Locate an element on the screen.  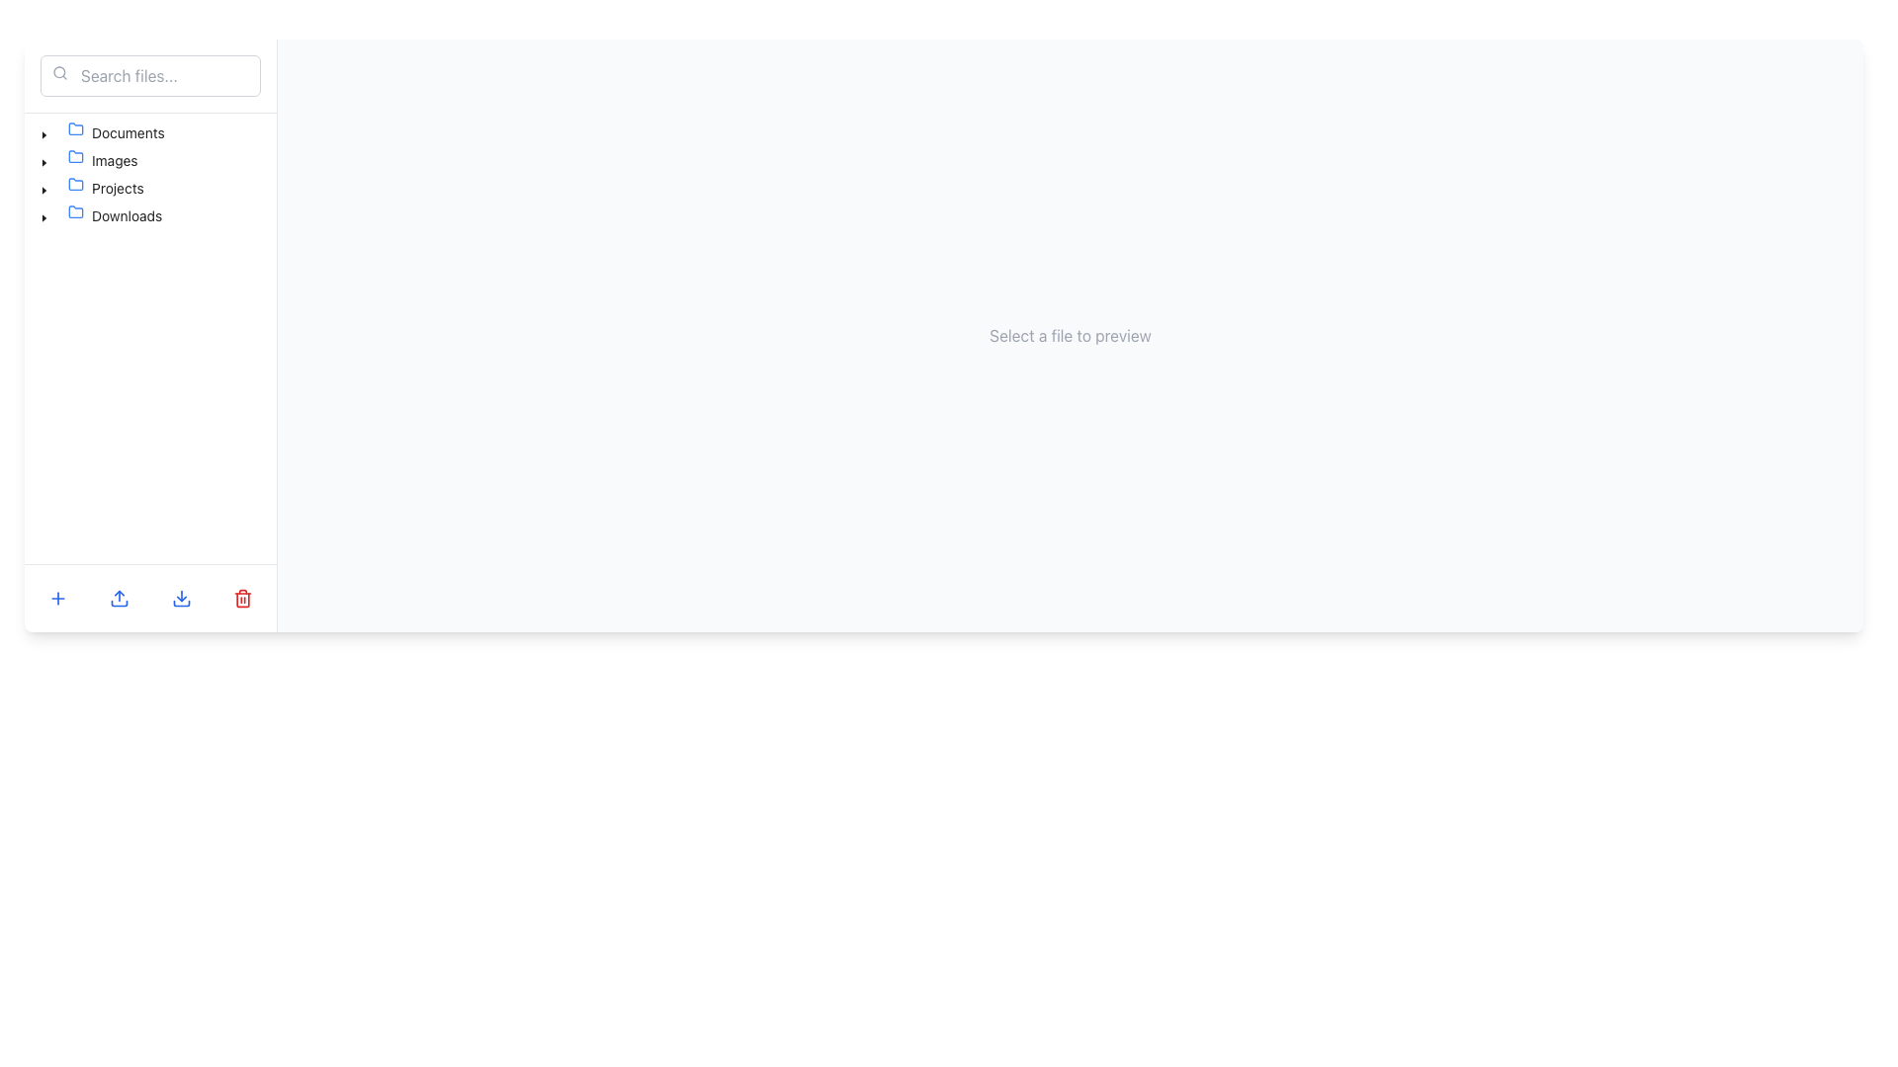
the Caret-down icon located next to the 'Downloads' folder label is located at coordinates (43, 217).